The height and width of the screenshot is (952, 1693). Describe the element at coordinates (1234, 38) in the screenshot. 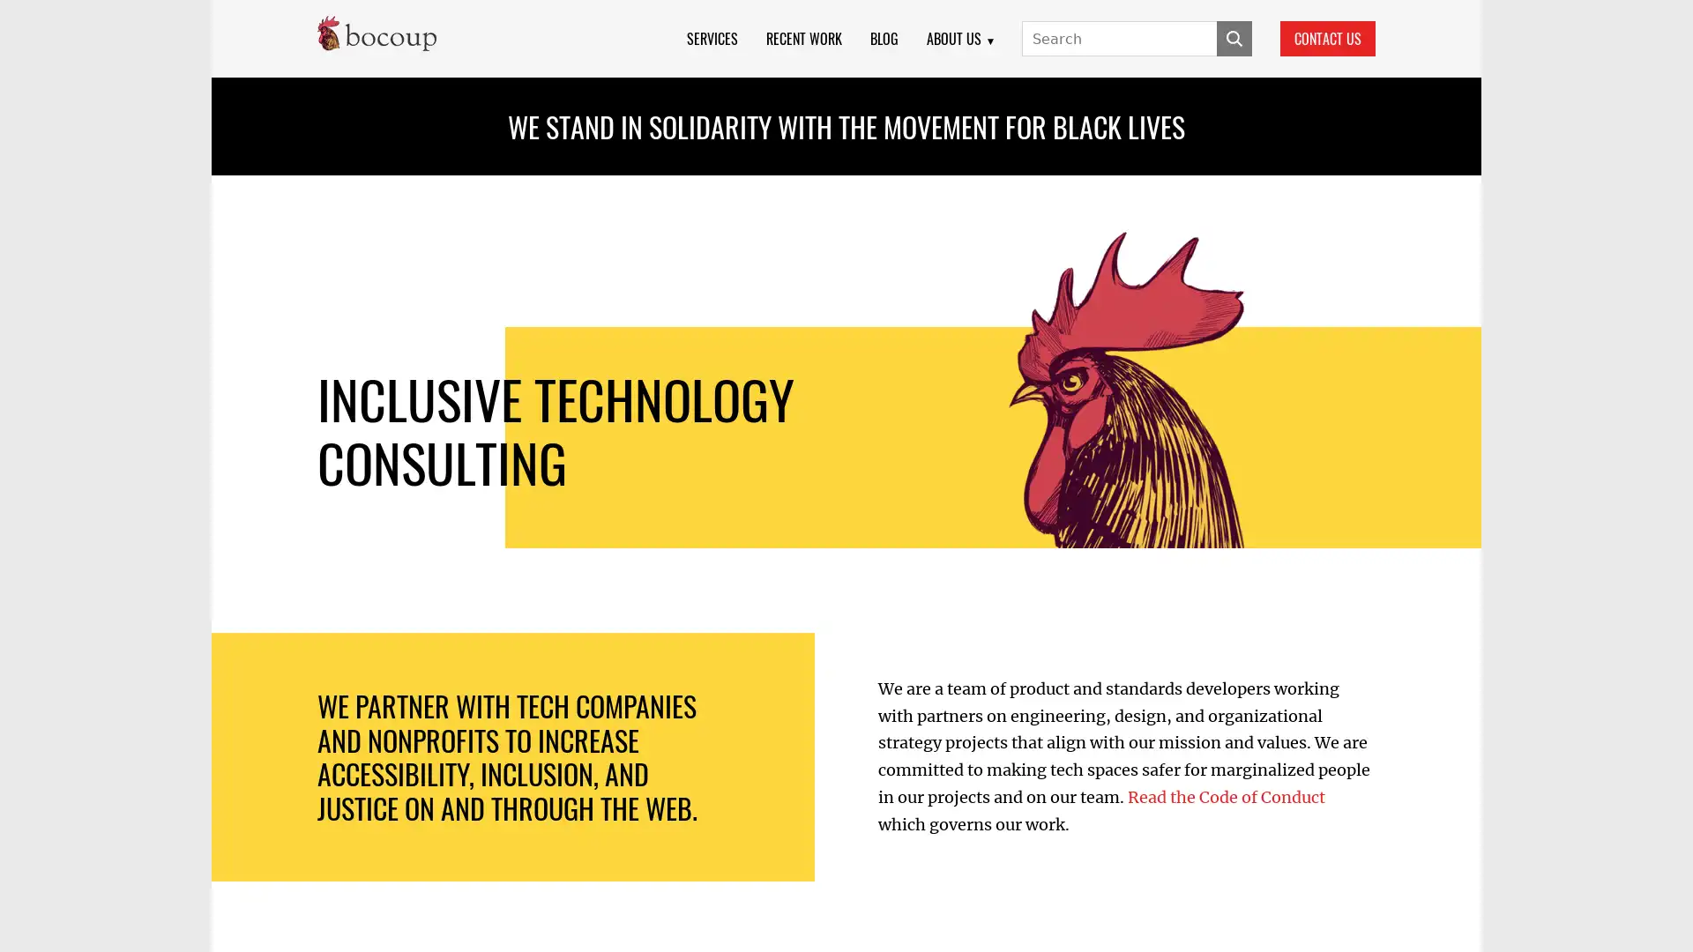

I see `SUBMIT` at that location.